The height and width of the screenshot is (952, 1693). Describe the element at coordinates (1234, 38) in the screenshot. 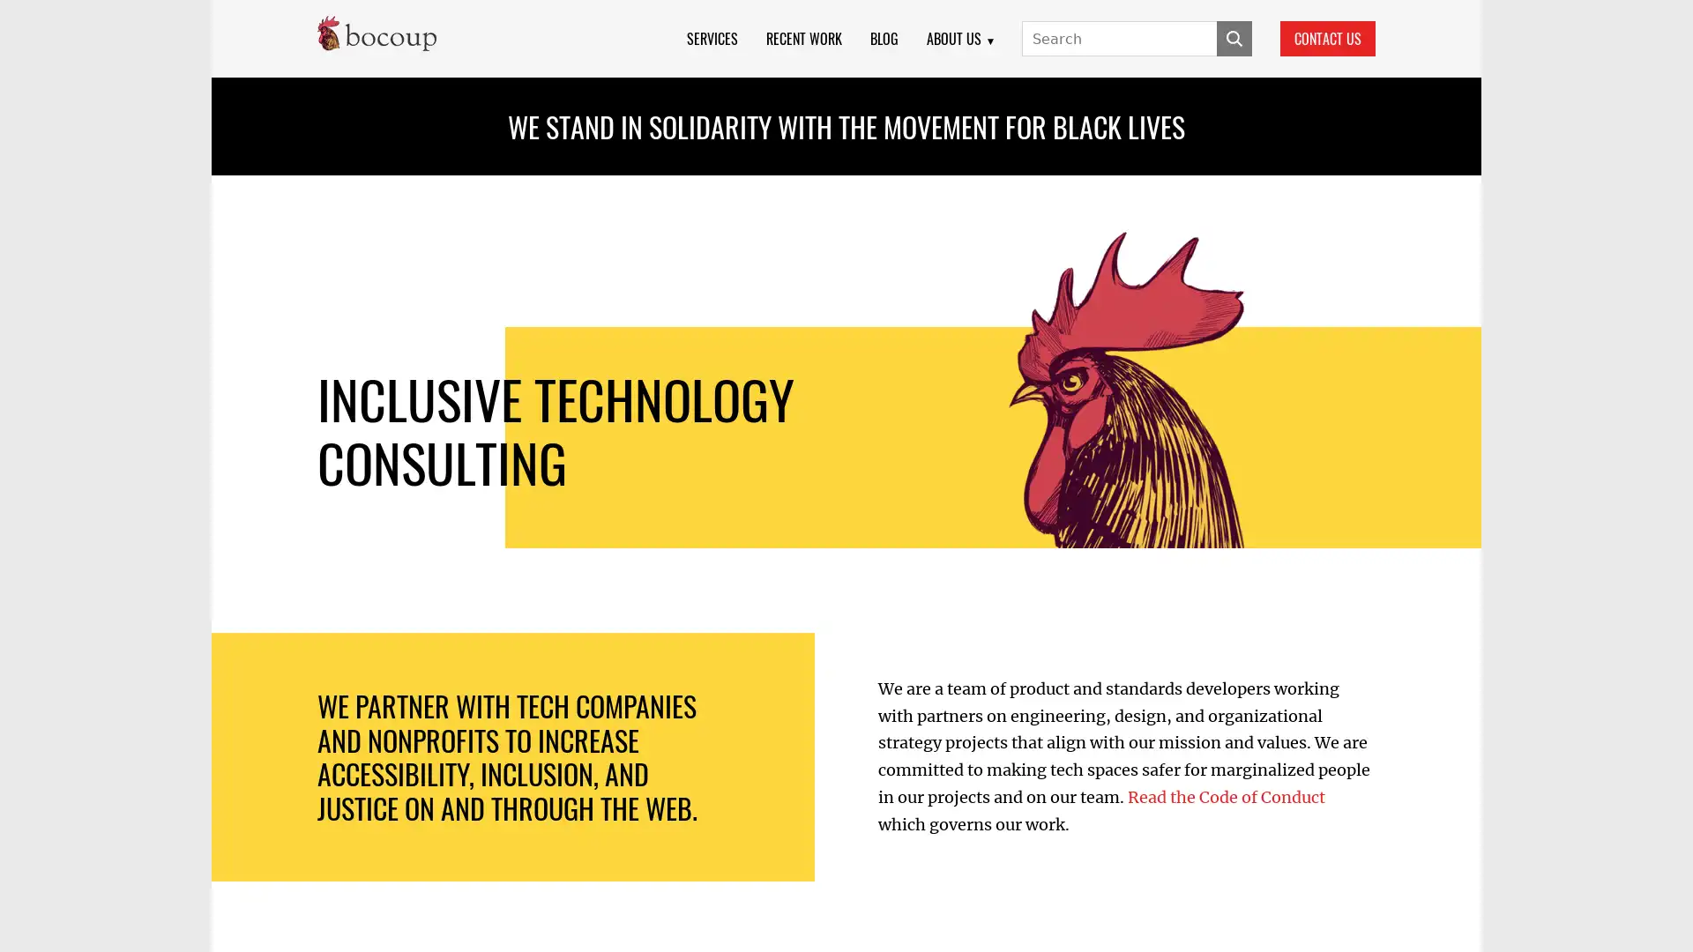

I see `SUBMIT` at that location.